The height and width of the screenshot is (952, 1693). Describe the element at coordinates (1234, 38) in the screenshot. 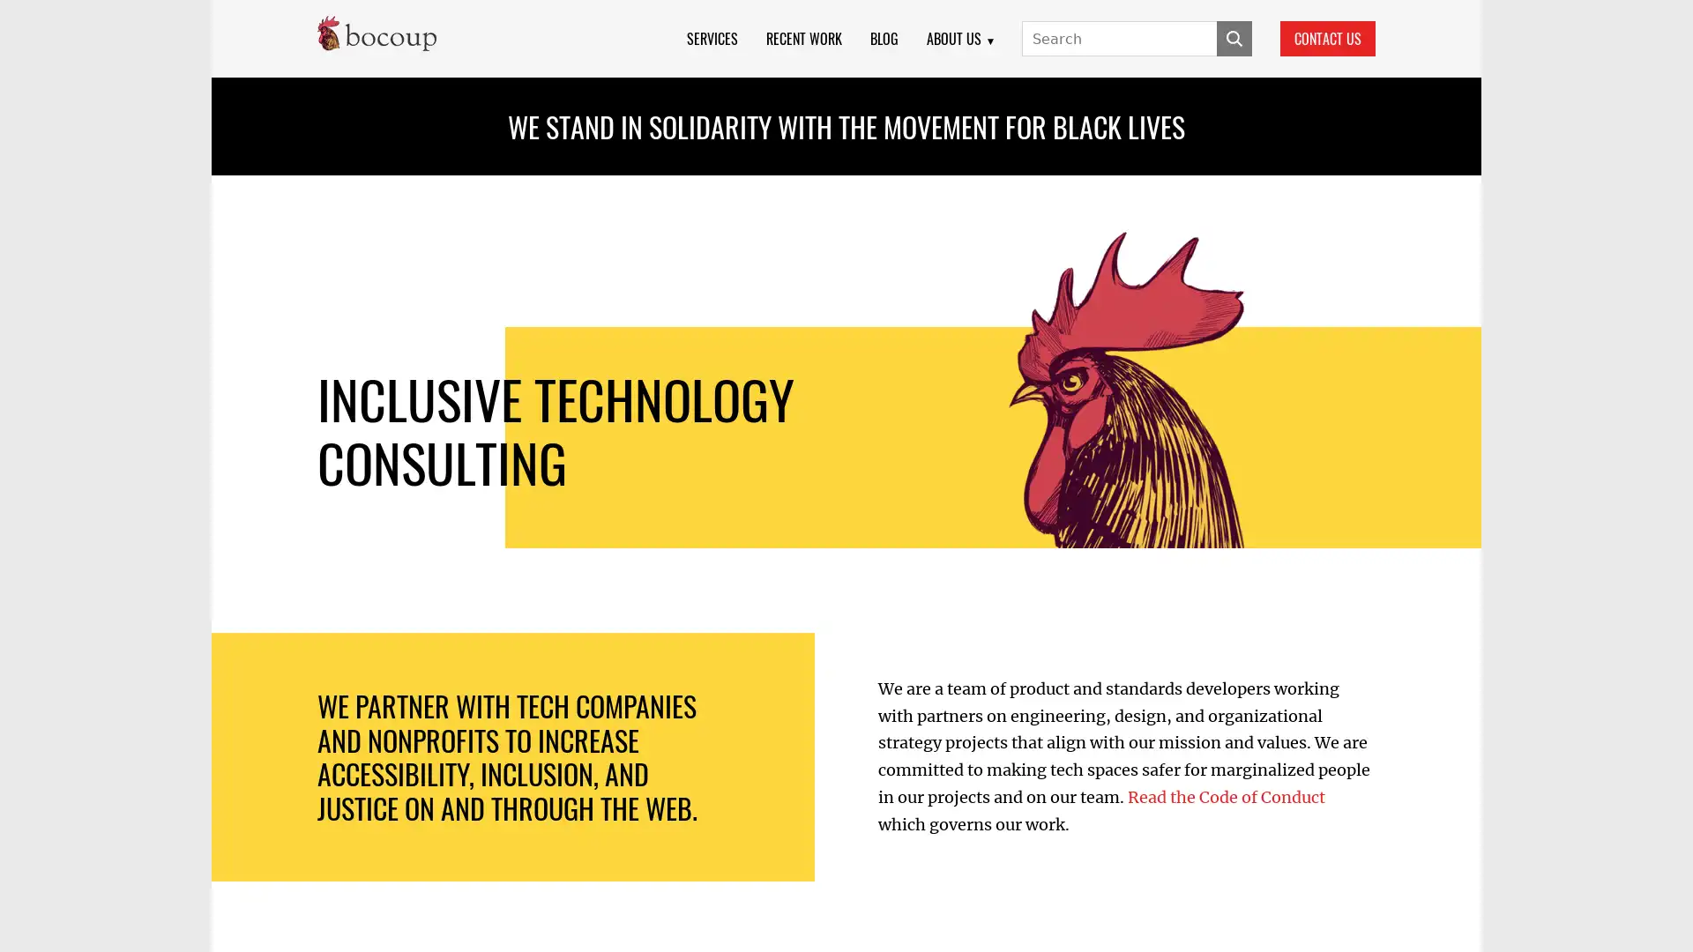

I see `SUBMIT` at that location.